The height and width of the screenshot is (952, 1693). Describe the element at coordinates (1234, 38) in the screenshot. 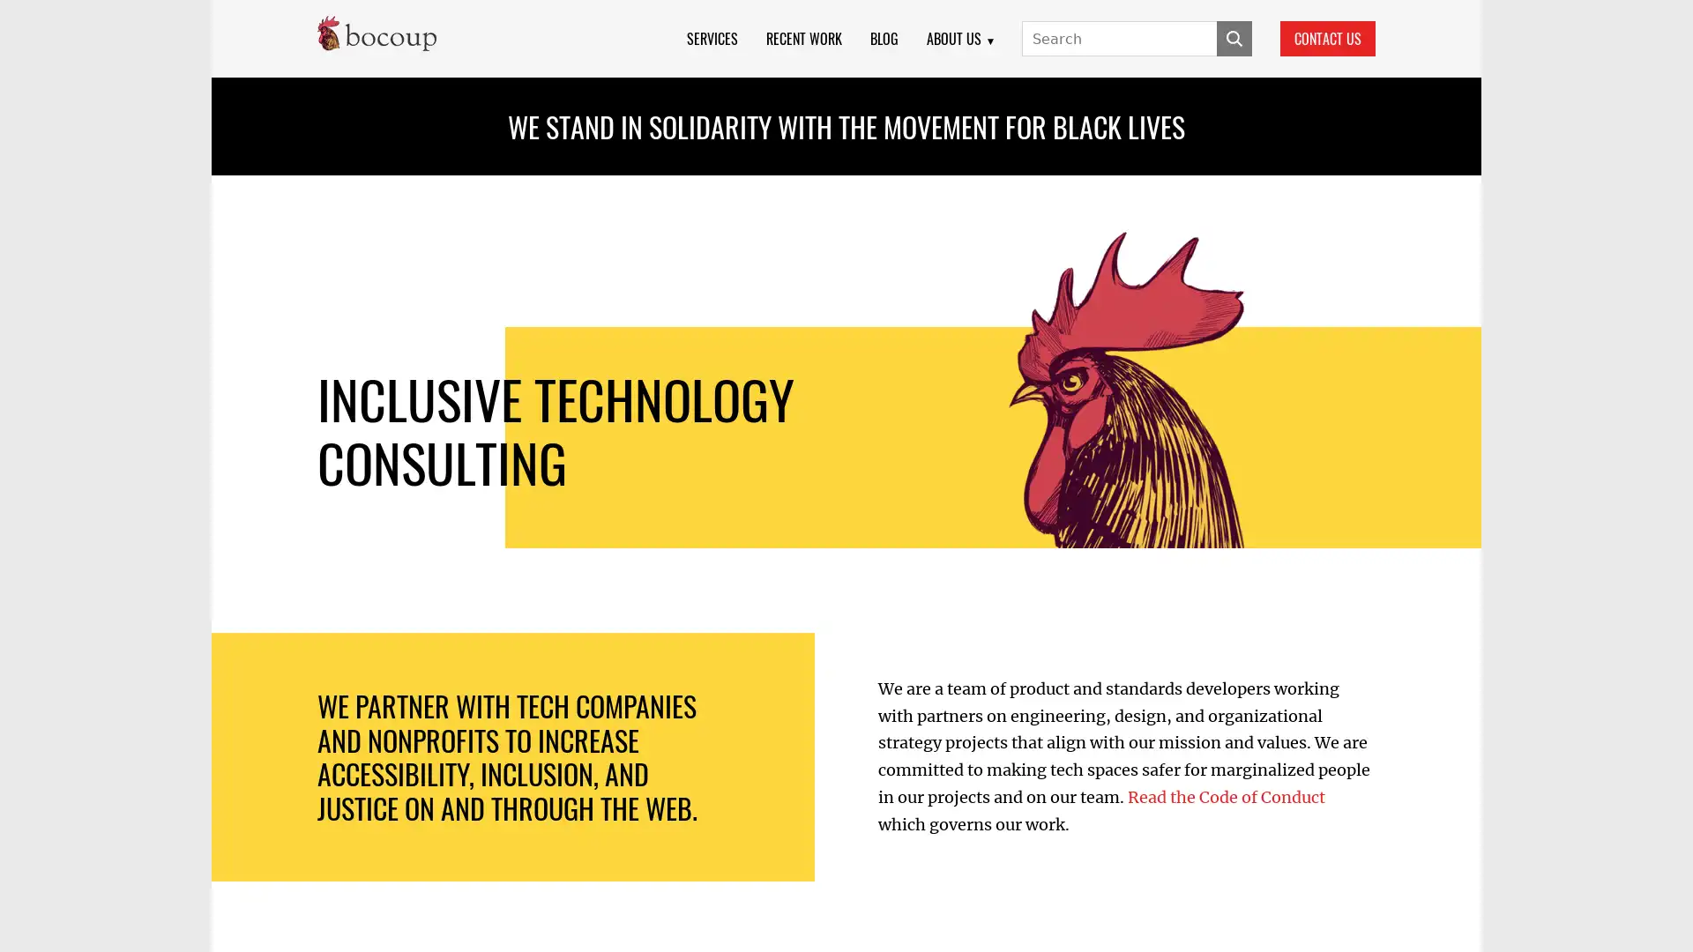

I see `SUBMIT` at that location.